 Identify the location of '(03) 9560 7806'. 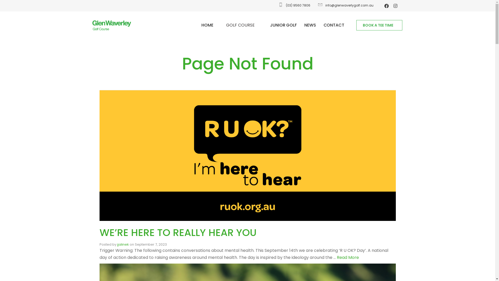
(277, 5).